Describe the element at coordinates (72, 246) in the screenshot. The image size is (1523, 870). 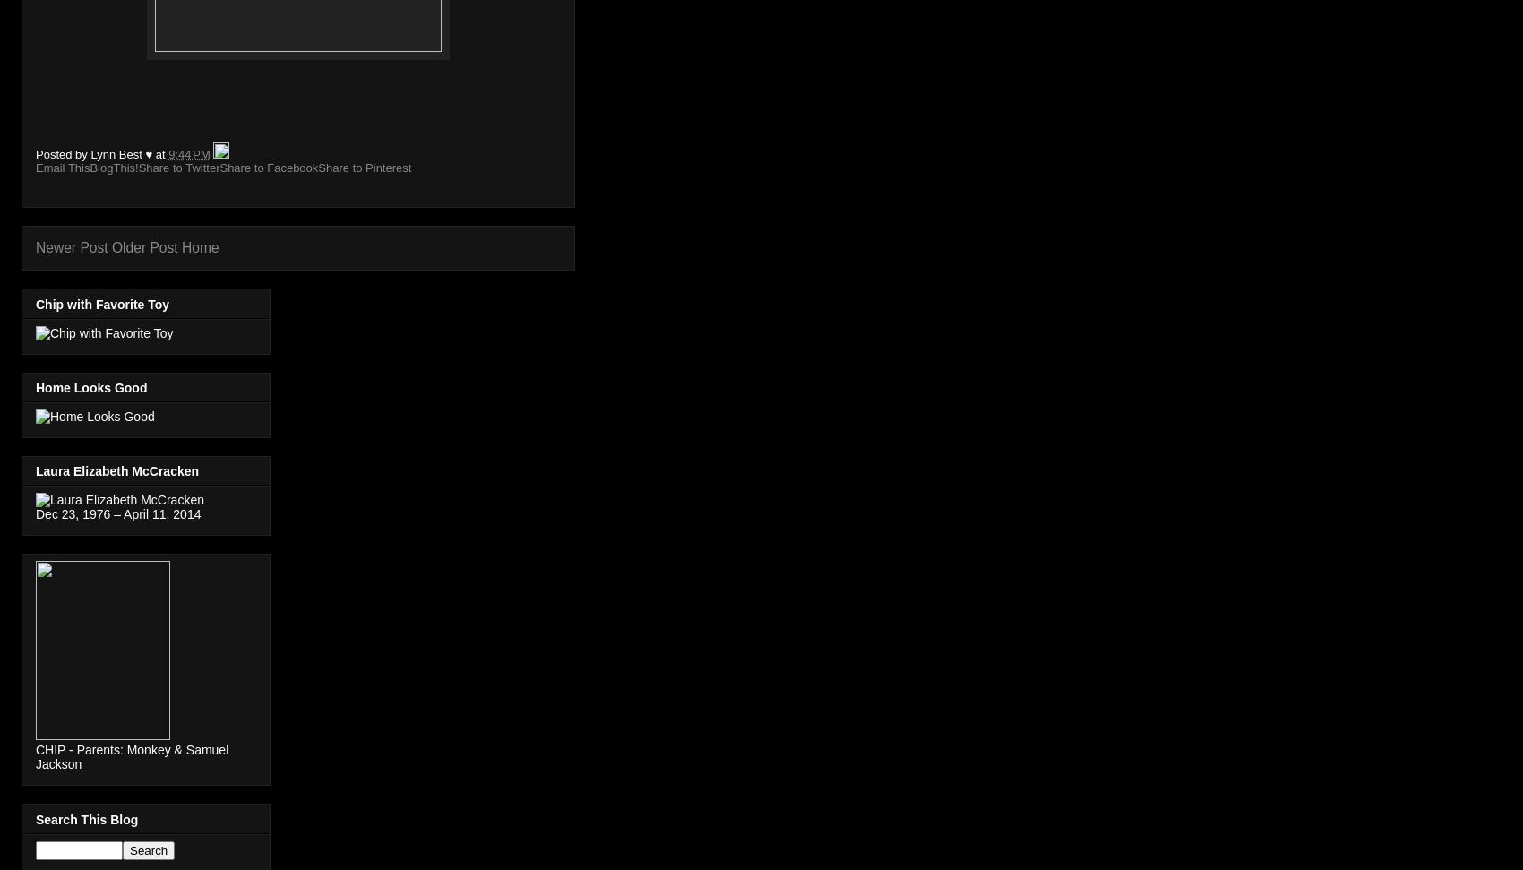
I see `'Newer Post'` at that location.